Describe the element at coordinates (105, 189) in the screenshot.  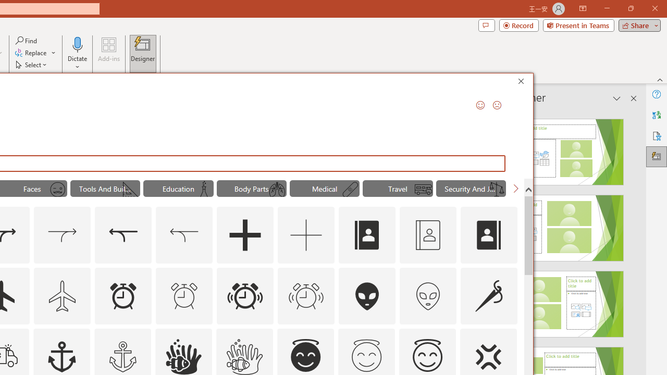
I see `'"Tools And Building" Icons.'` at that location.